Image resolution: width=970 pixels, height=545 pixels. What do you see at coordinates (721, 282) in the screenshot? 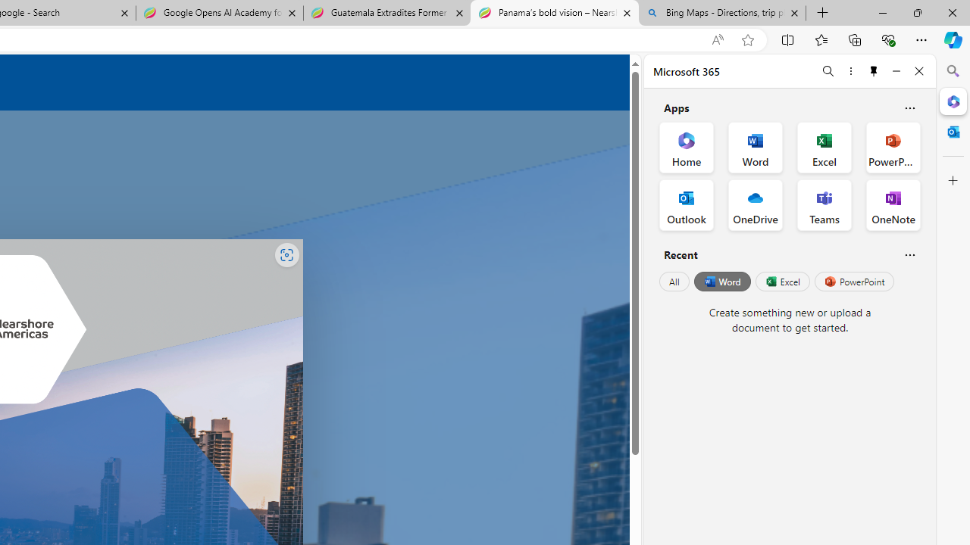
I see `'Word'` at bounding box center [721, 282].